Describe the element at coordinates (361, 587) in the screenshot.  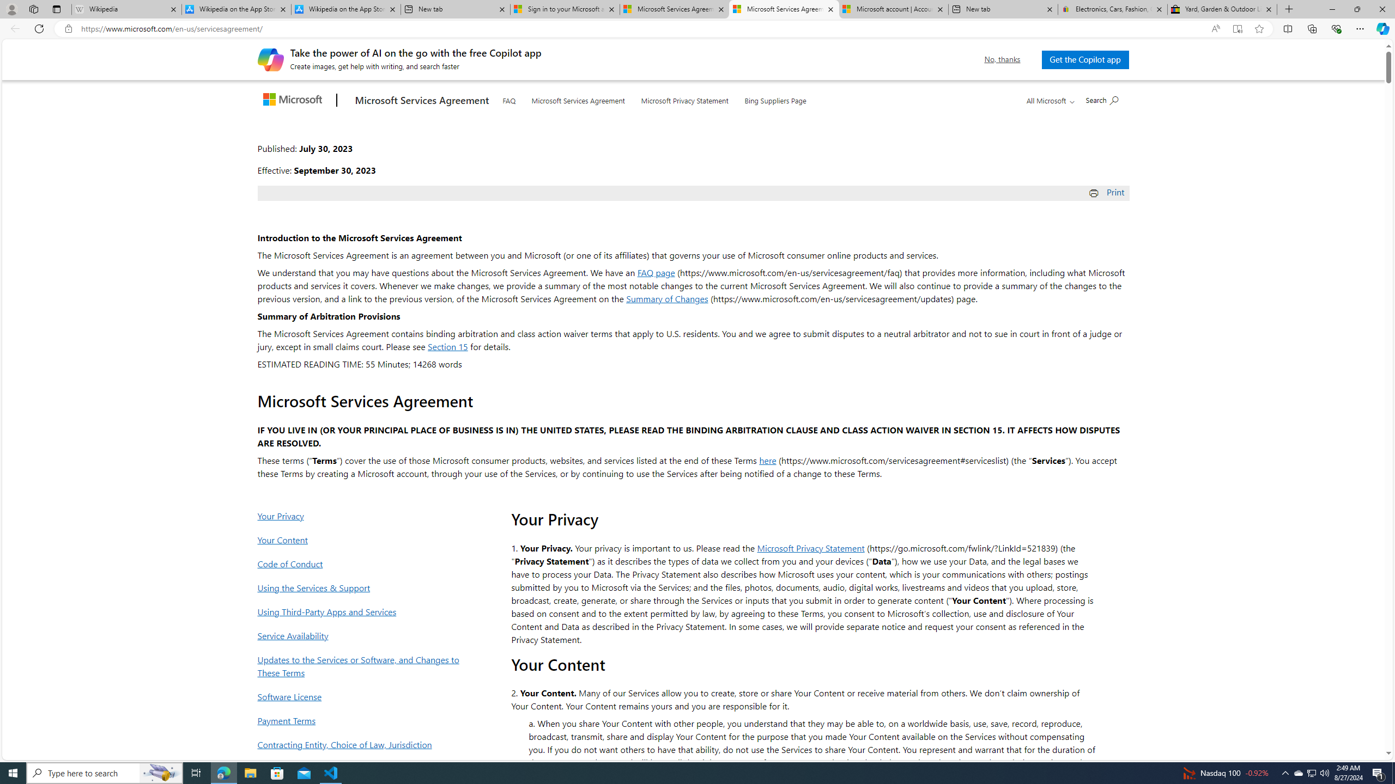
I see `'Using the Services & Support'` at that location.